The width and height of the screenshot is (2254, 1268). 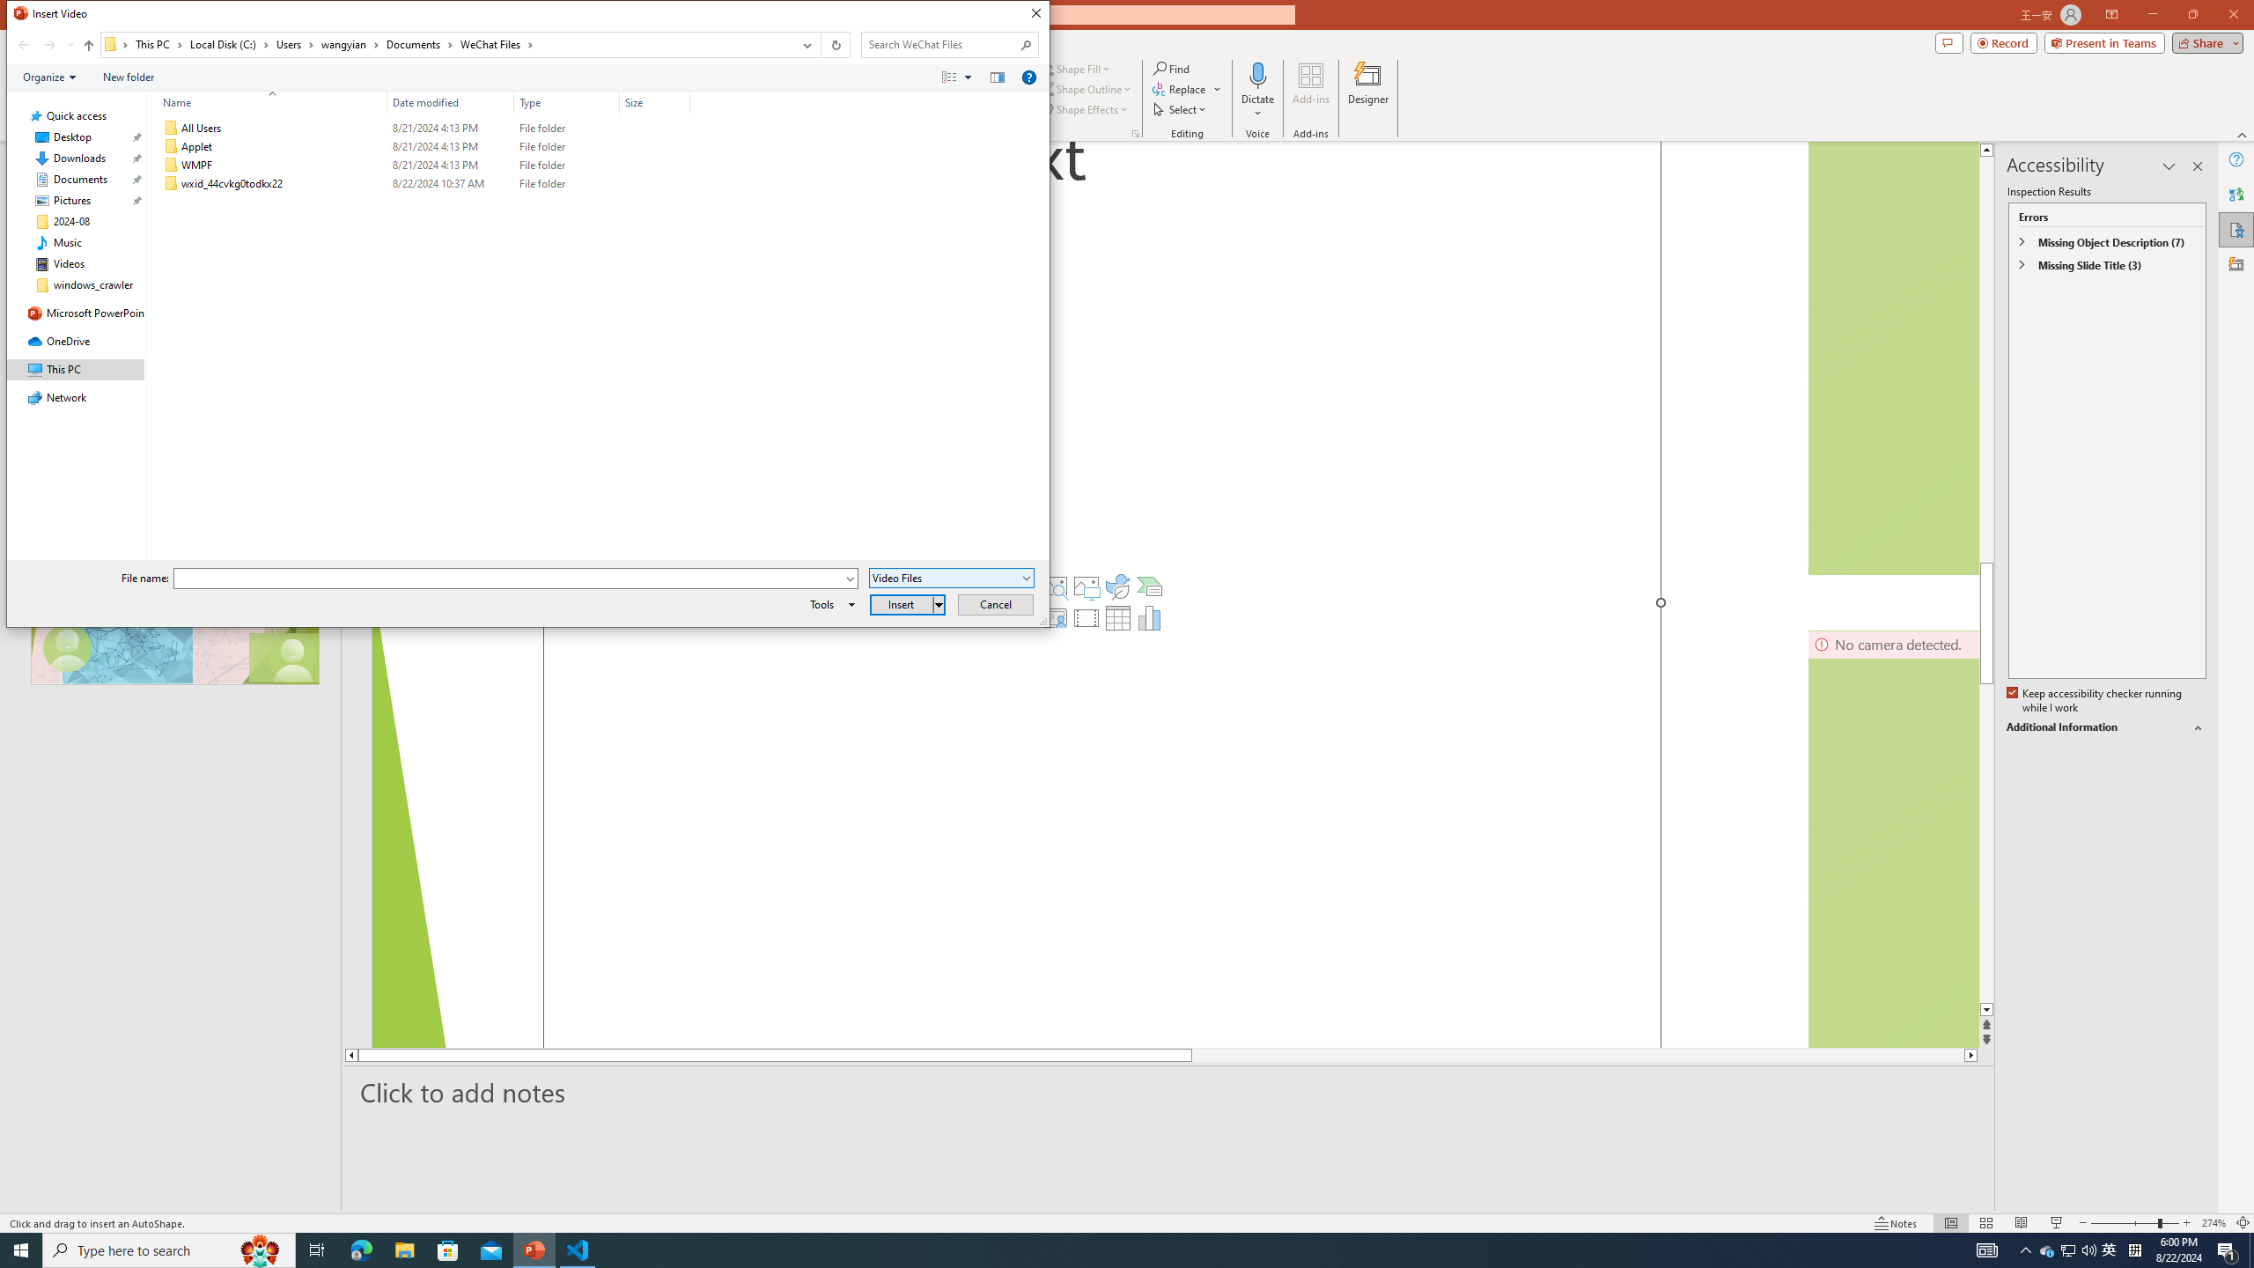 I want to click on 'Search Box', so click(x=940, y=43).